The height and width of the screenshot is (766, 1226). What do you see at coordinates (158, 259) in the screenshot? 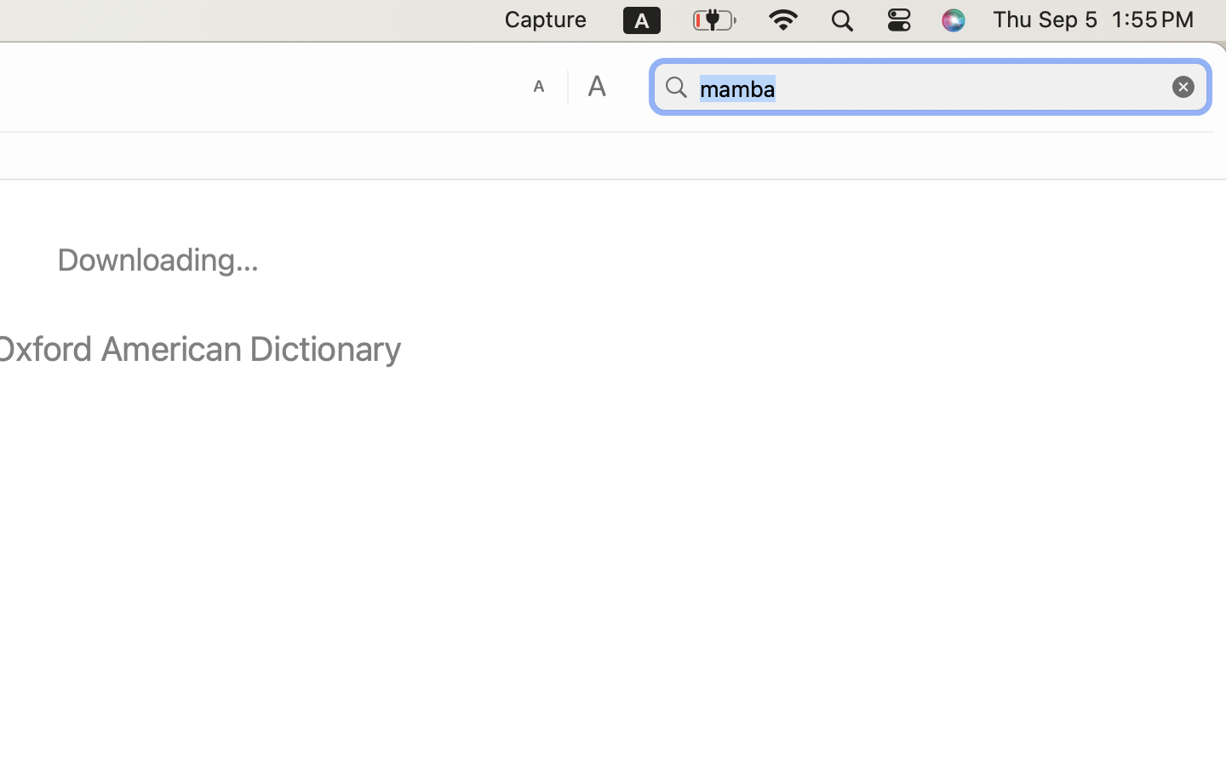
I see `'Downloading…'` at bounding box center [158, 259].